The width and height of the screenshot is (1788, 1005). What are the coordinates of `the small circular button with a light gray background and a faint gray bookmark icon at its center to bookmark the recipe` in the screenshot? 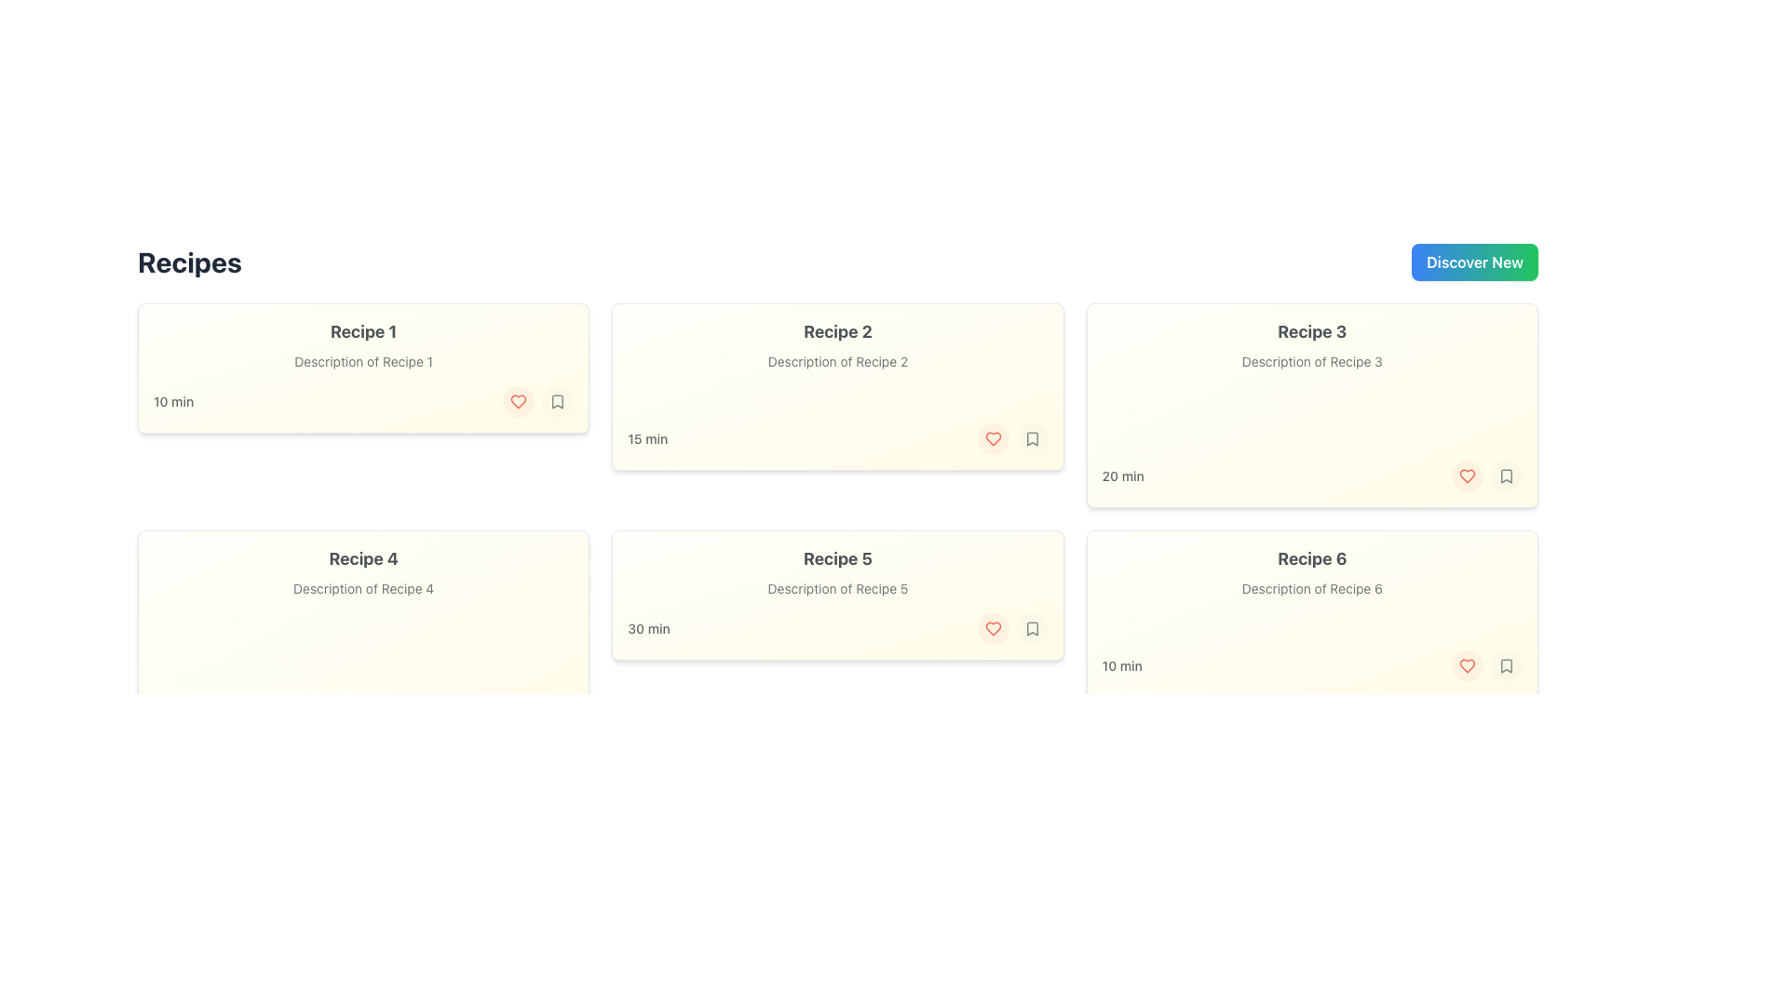 It's located at (557, 401).